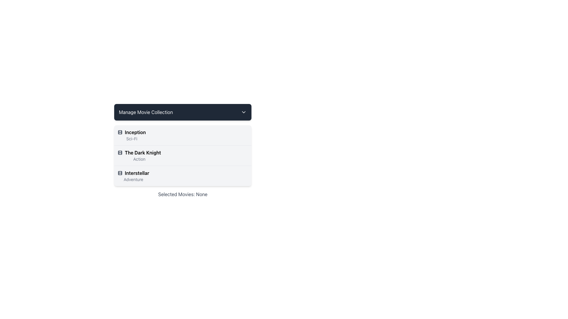  I want to click on the static text label indicating that no movies have been selected, located at the bottom of the movie list, so click(183, 194).